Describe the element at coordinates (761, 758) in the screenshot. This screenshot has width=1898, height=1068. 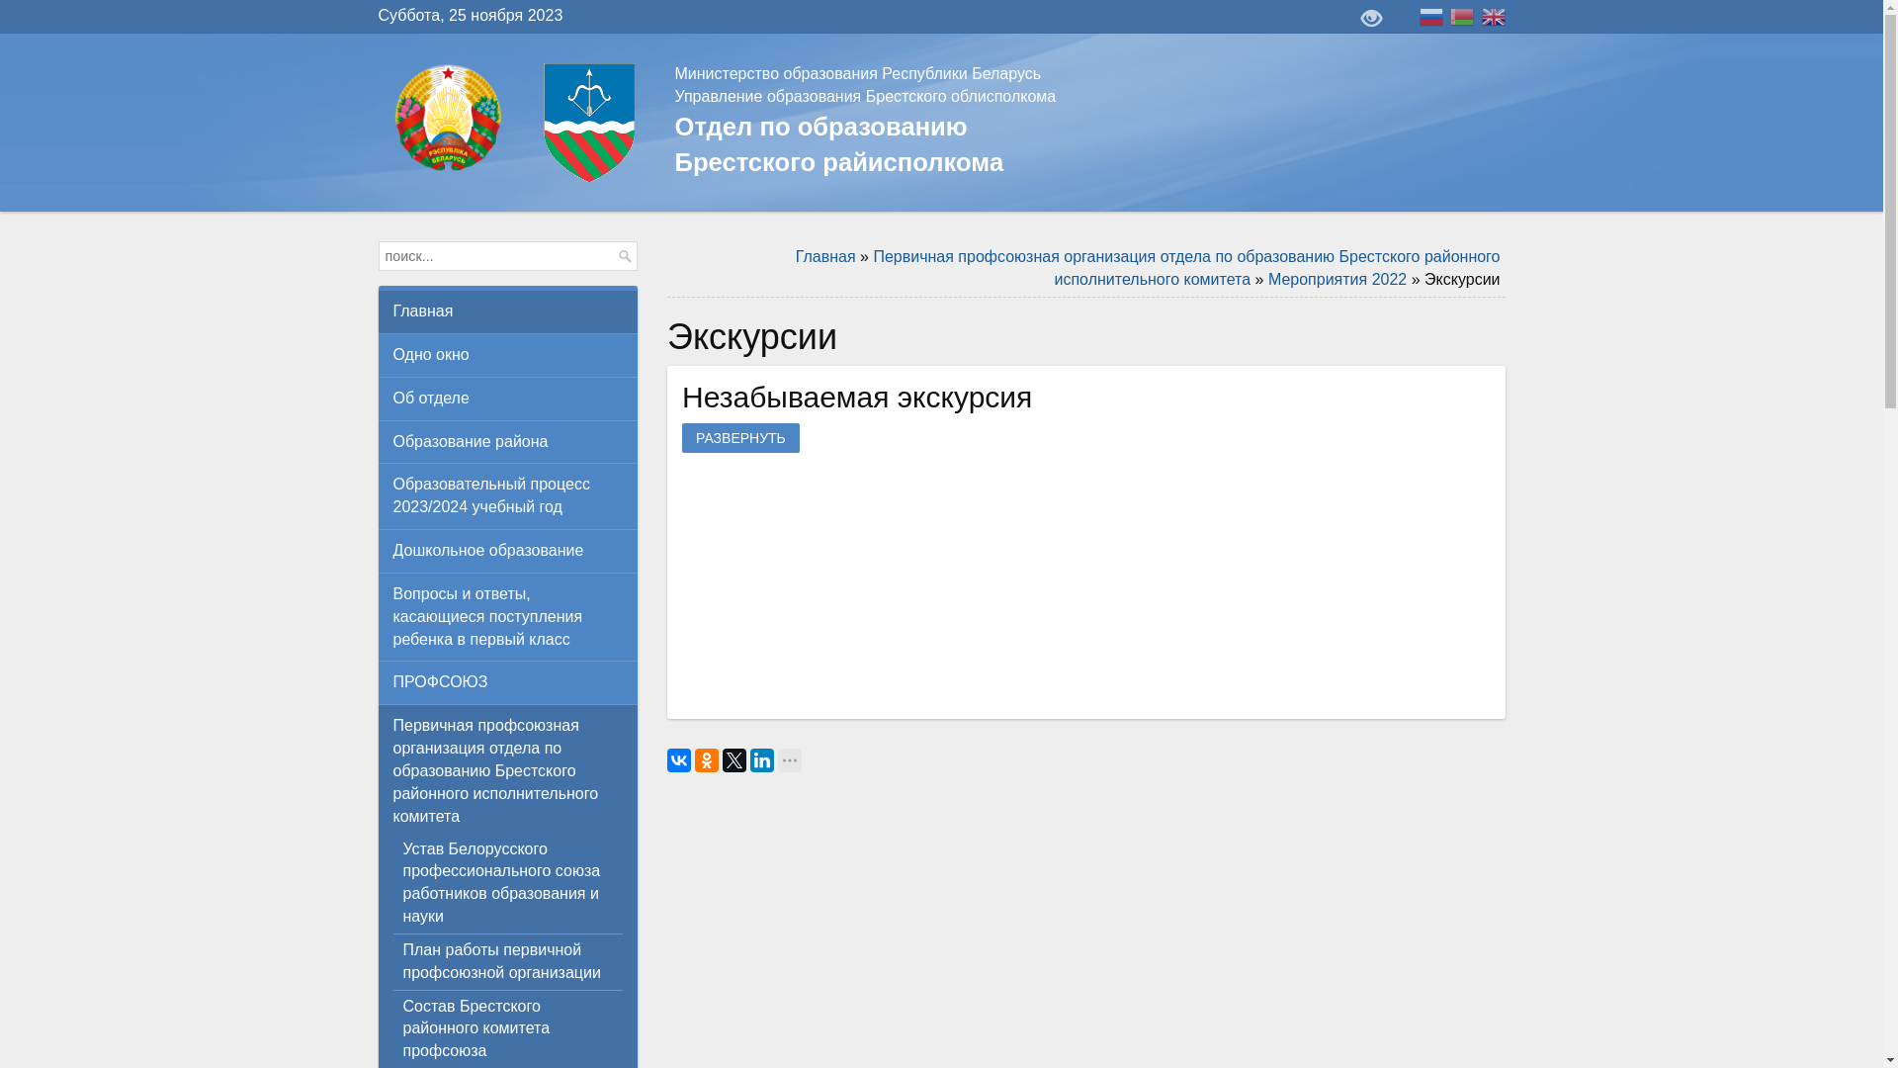
I see `'LinkedIn'` at that location.